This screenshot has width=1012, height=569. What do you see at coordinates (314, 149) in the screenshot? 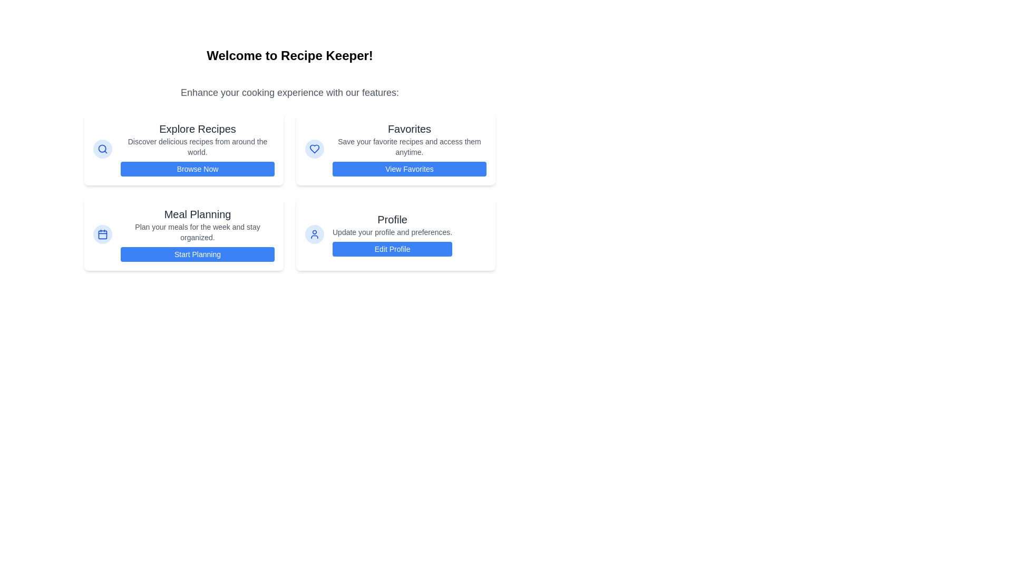
I see `the circular icon with a light blue background and dark blue heart symbol located in the 'Favorites' panel, positioned towards the upper-left part above the text description and button` at bounding box center [314, 149].